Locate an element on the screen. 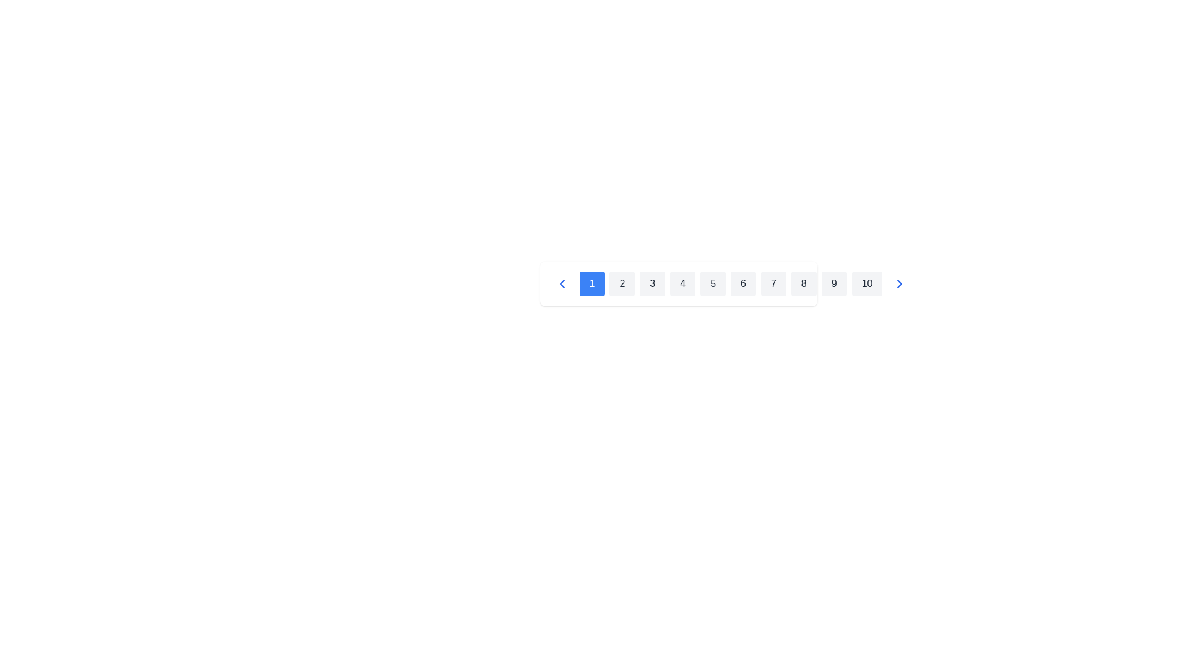 The width and height of the screenshot is (1188, 668). the pagination button for the fourth page is located at coordinates (678, 284).